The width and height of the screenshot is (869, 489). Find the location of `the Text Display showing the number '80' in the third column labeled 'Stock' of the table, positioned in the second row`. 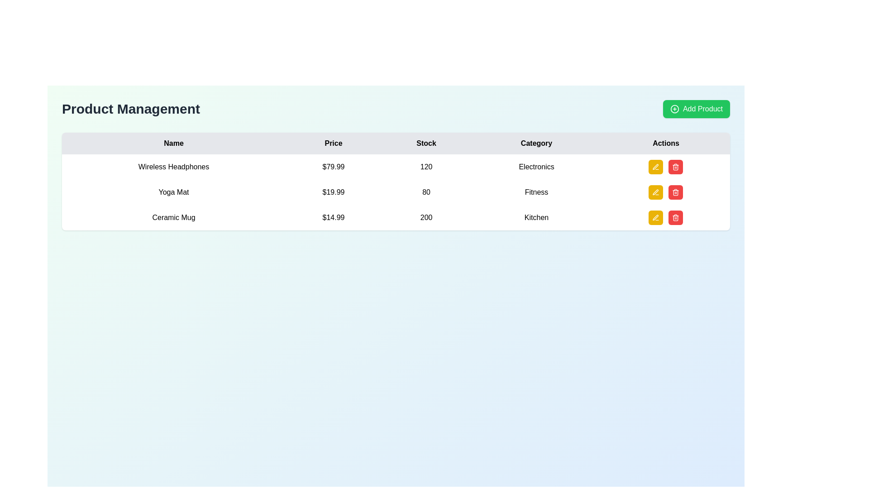

the Text Display showing the number '80' in the third column labeled 'Stock' of the table, positioned in the second row is located at coordinates (426, 192).